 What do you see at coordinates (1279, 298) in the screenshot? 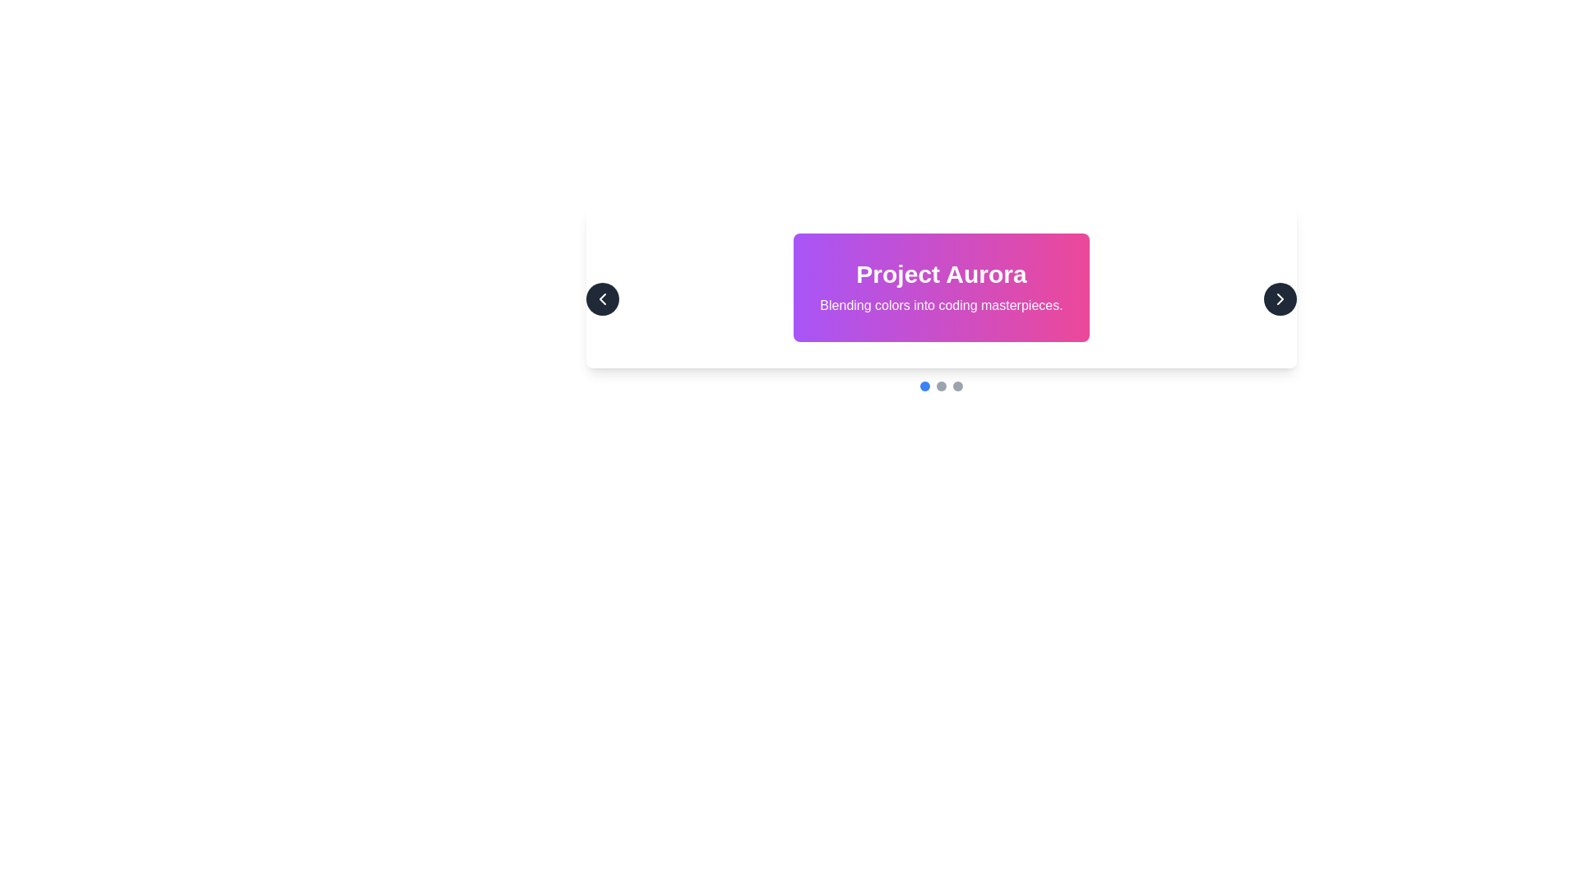
I see `the circular button with a dark gray background and a right-facing chevron` at bounding box center [1279, 298].